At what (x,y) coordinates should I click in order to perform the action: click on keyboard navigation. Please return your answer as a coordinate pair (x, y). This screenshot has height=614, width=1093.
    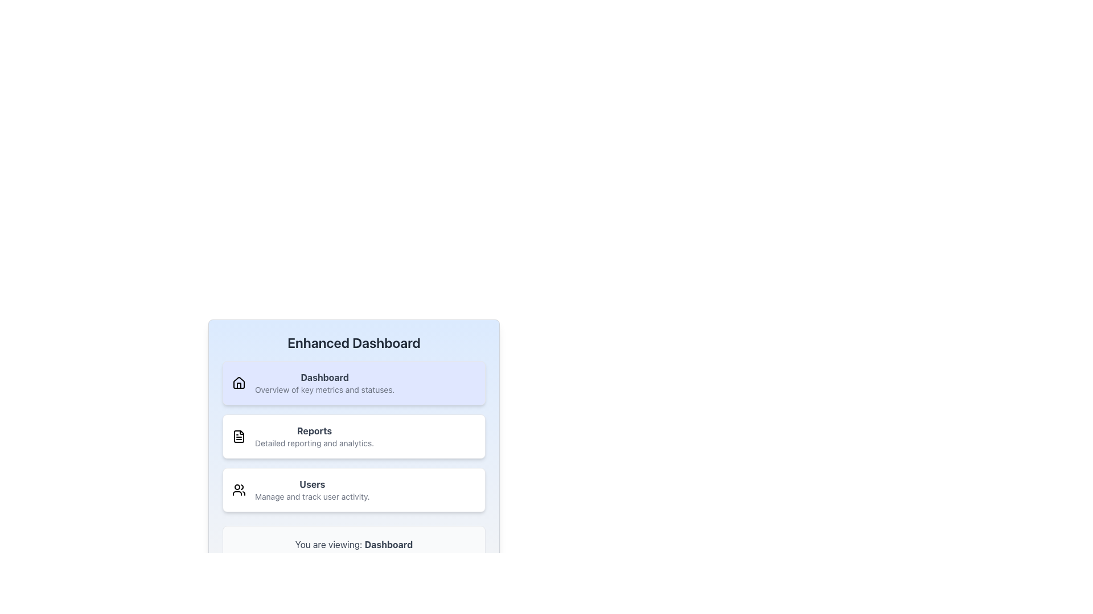
    Looking at the image, I should click on (354, 383).